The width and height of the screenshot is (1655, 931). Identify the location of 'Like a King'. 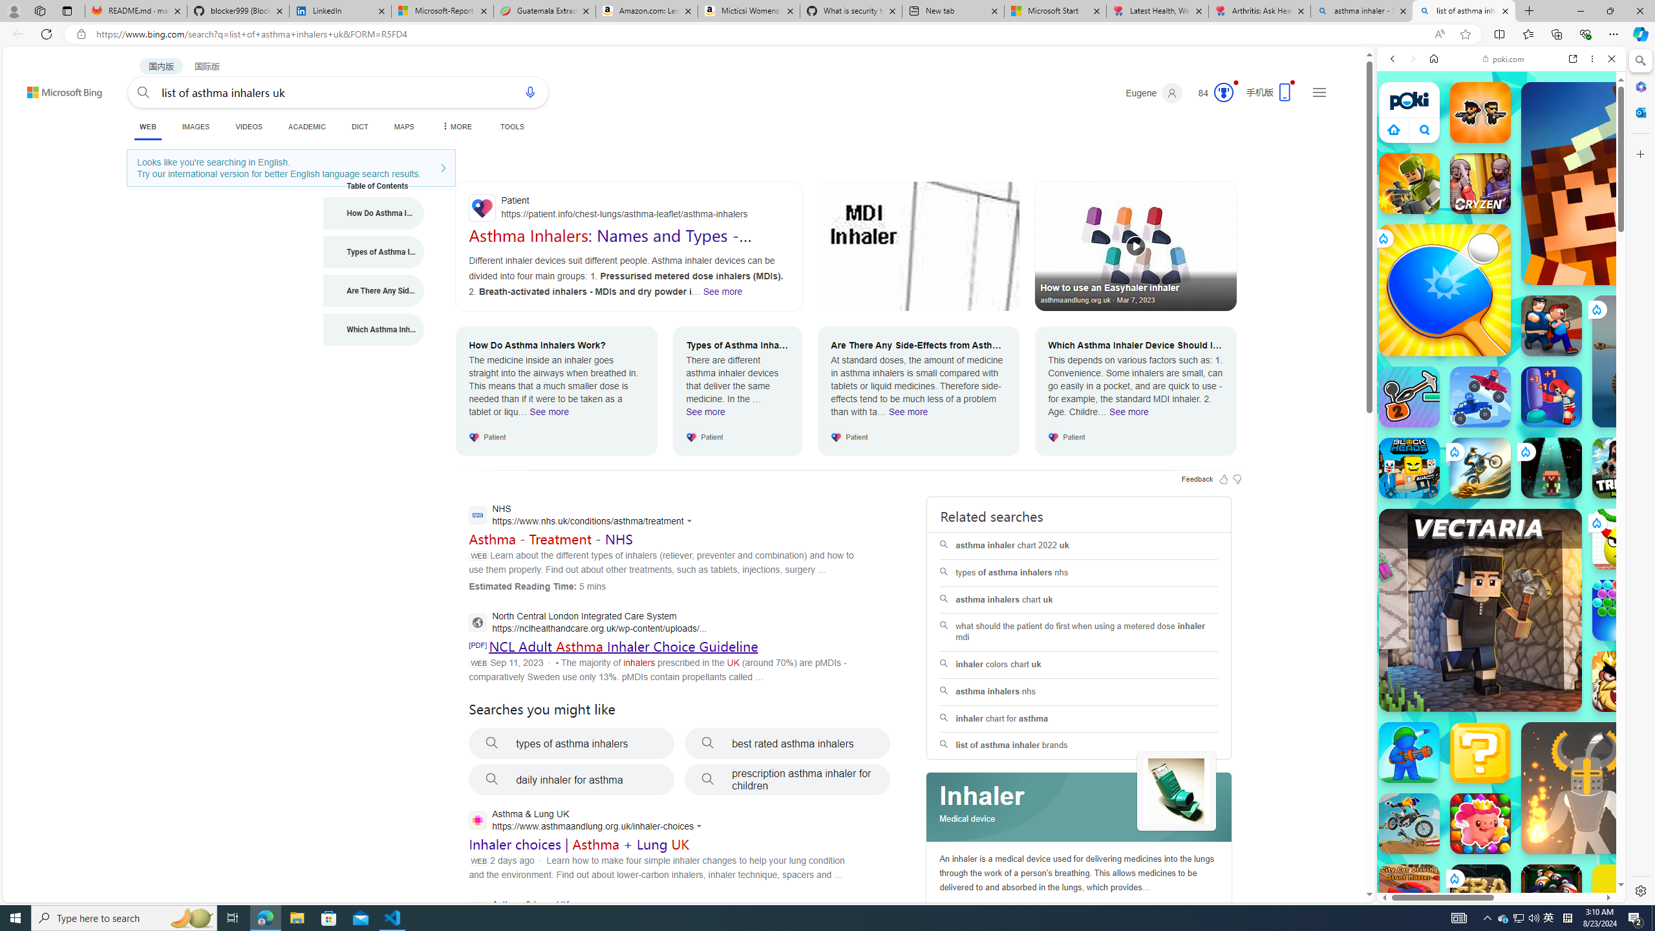
(1623, 681).